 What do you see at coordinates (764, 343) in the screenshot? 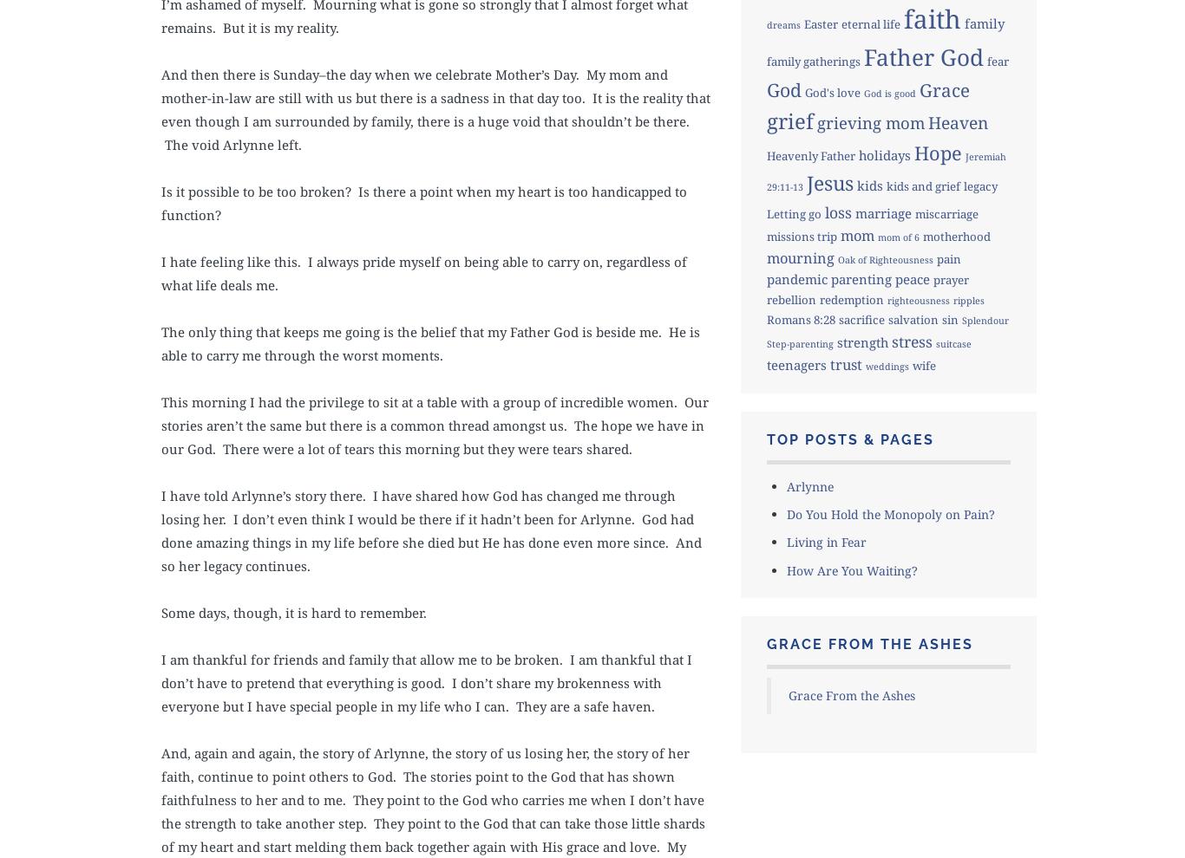
I see `'Step-parenting'` at bounding box center [764, 343].